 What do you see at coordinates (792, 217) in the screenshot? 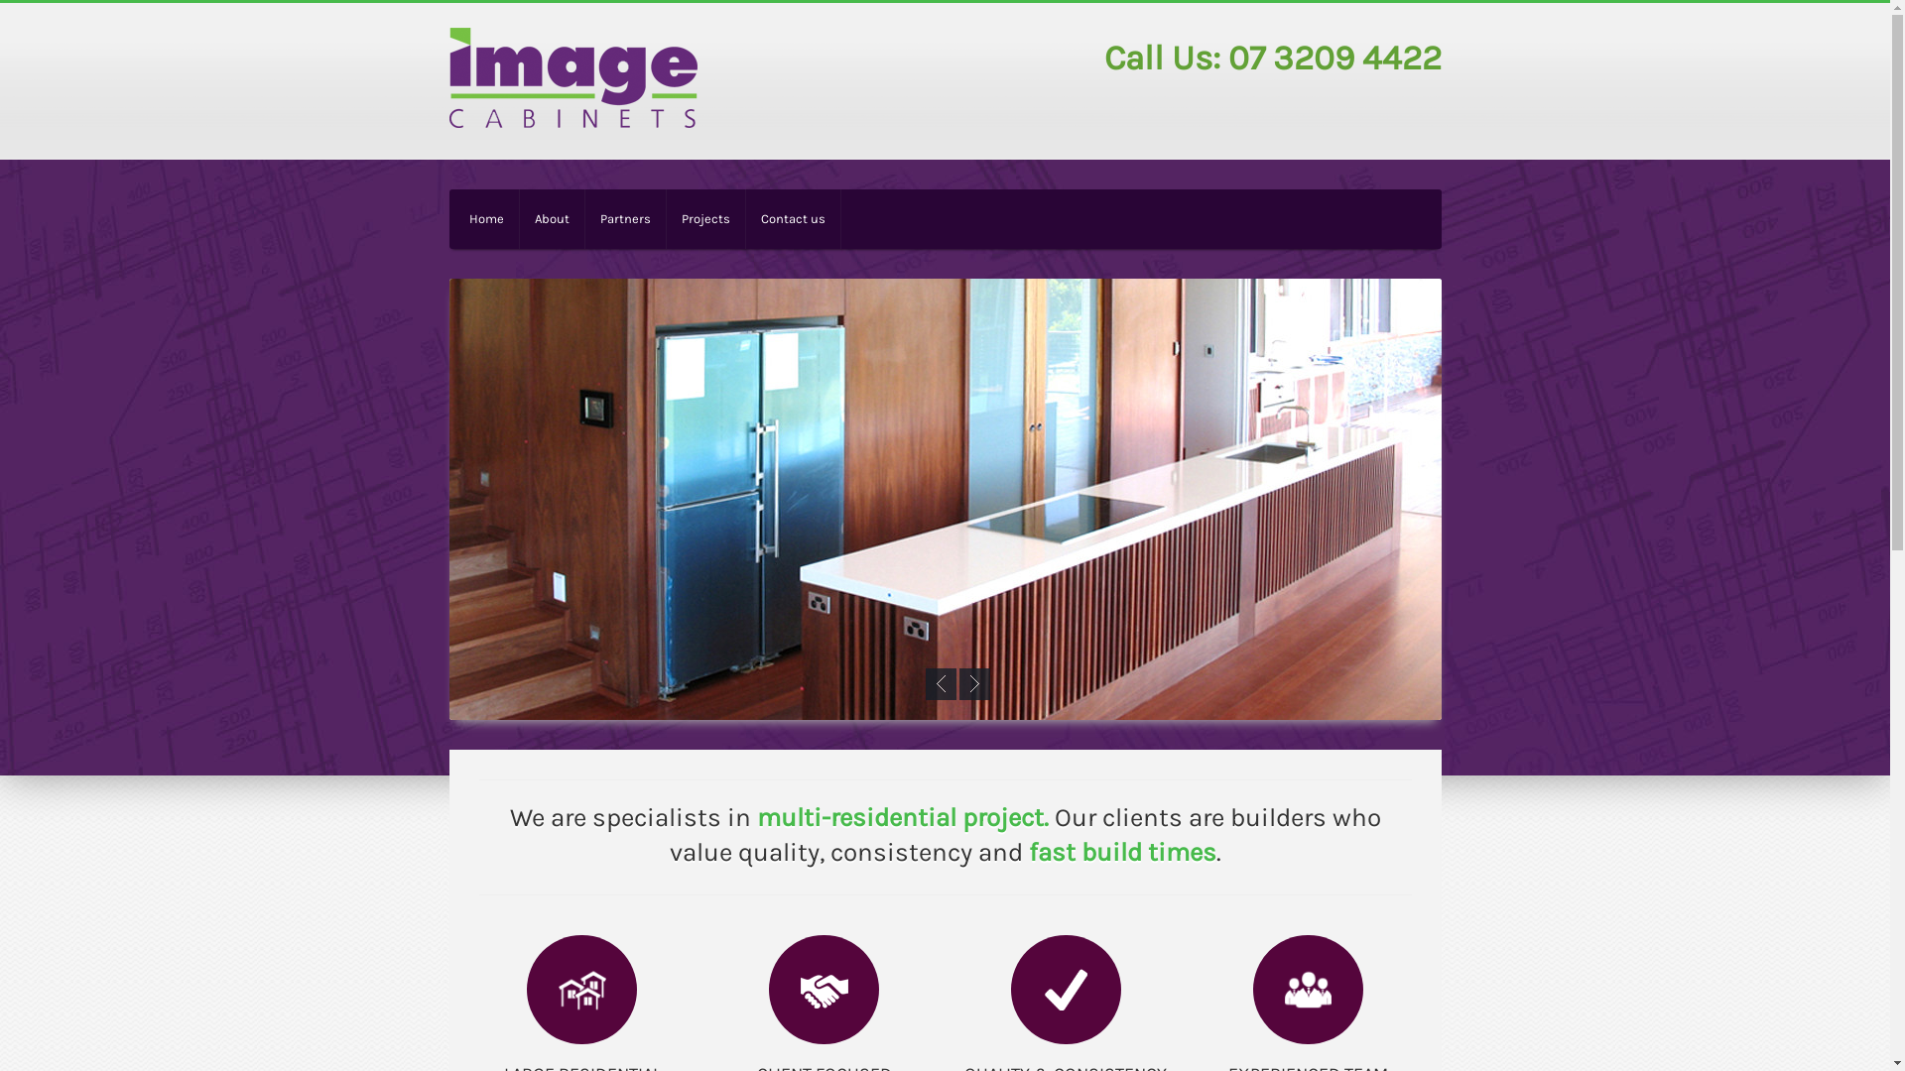
I see `'Contact us'` at bounding box center [792, 217].